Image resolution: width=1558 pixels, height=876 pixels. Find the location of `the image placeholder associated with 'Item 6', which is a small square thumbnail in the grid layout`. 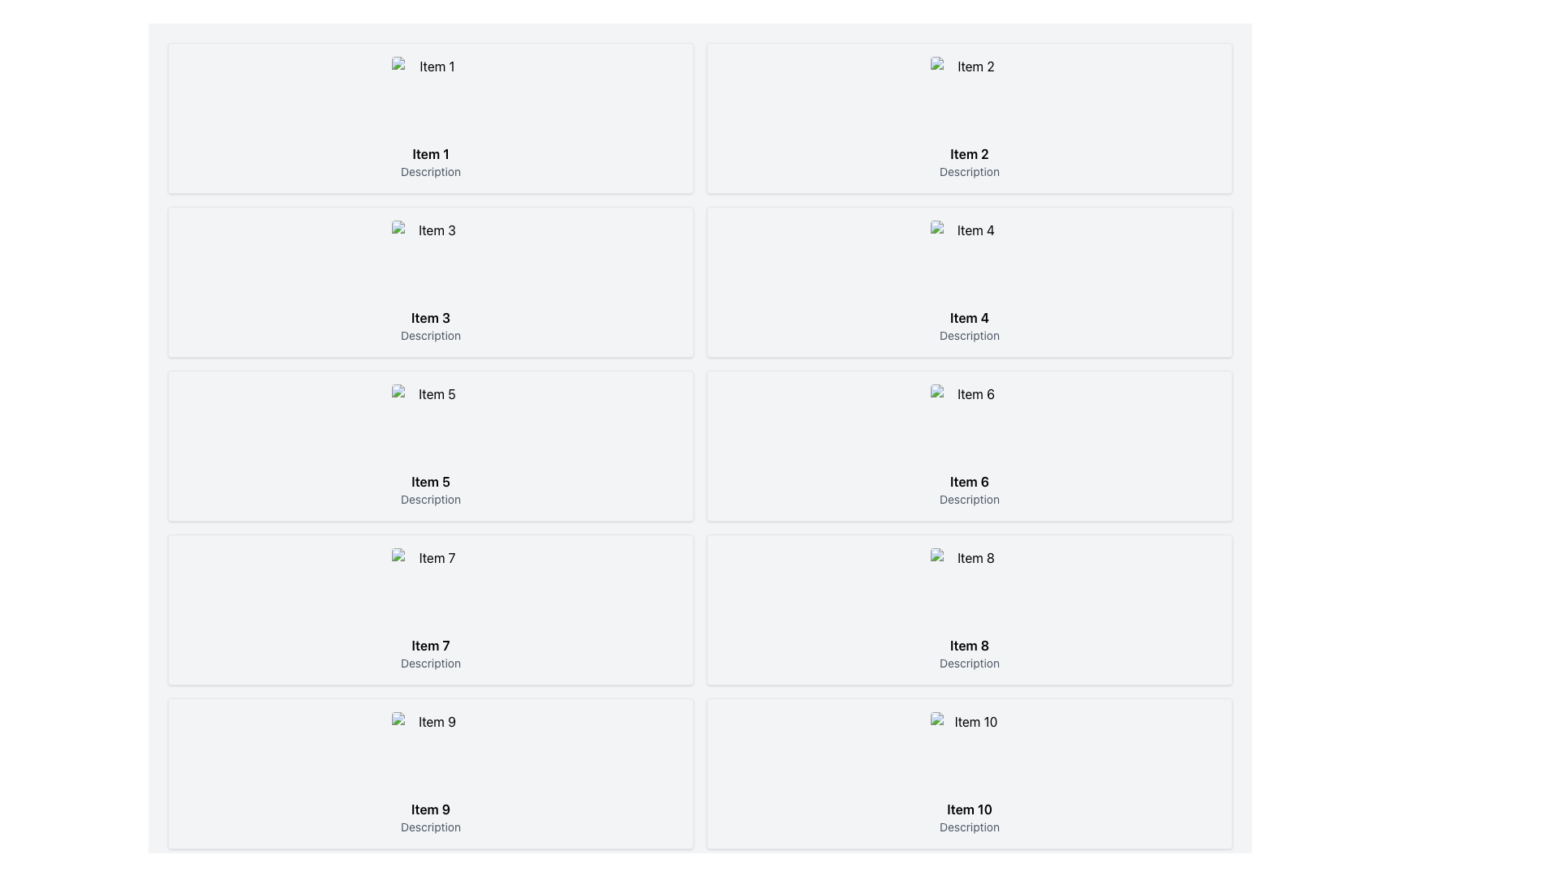

the image placeholder associated with 'Item 6', which is a small square thumbnail in the grid layout is located at coordinates (970, 422).